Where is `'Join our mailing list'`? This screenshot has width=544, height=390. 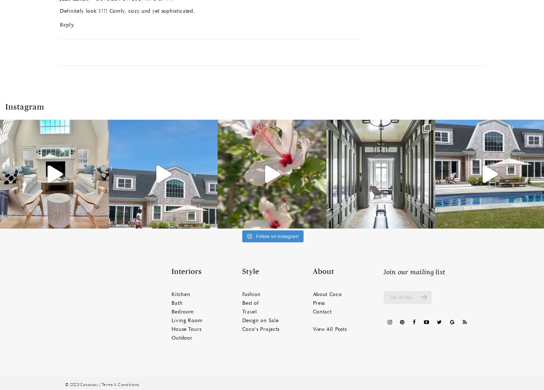
'Join our mailing list' is located at coordinates (414, 272).